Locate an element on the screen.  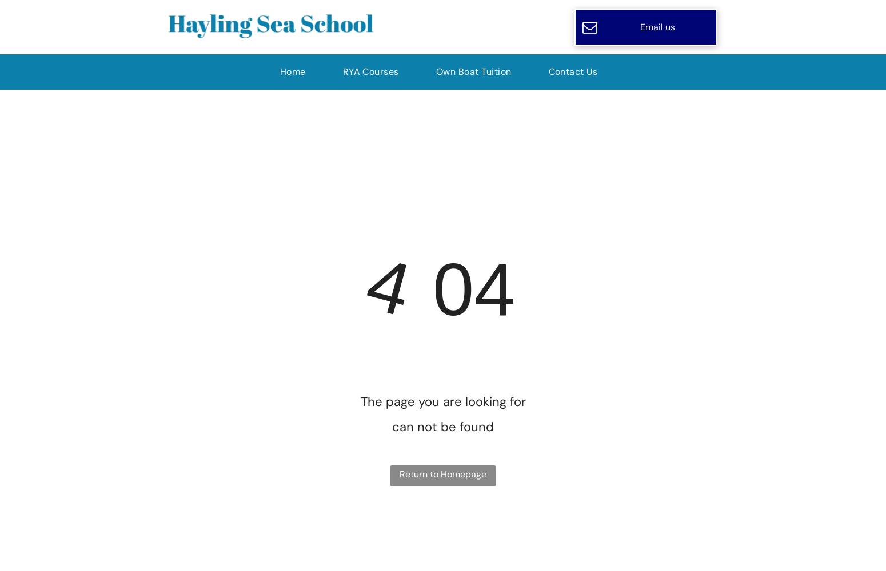
'RYA Courses' is located at coordinates (370, 71).